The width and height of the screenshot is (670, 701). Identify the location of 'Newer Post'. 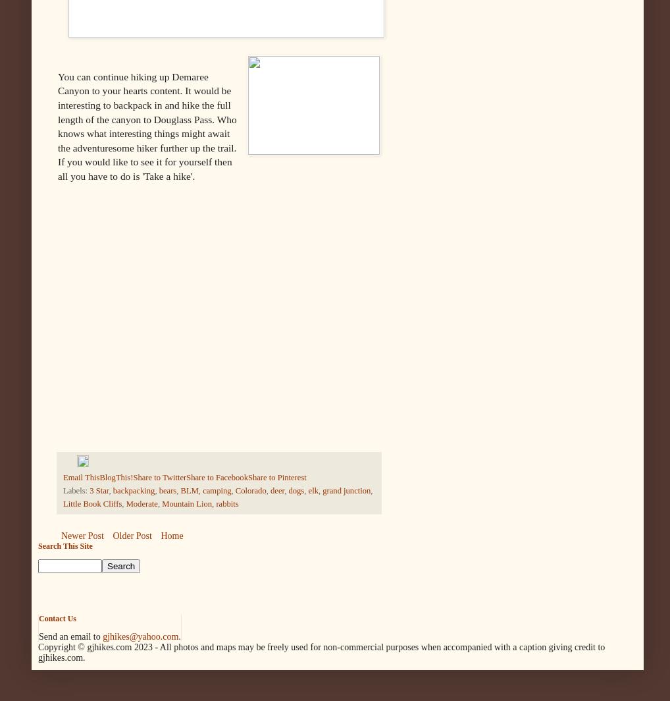
(82, 536).